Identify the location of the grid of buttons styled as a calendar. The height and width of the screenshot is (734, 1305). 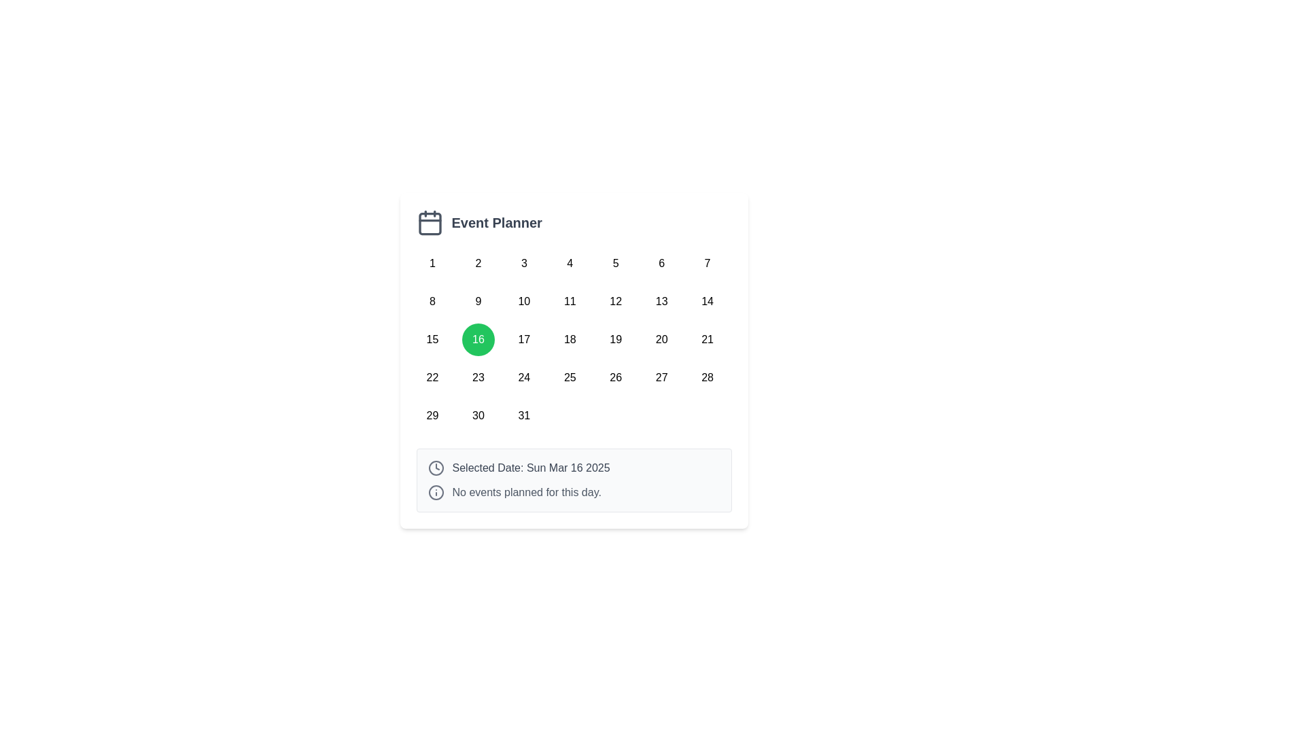
(574, 339).